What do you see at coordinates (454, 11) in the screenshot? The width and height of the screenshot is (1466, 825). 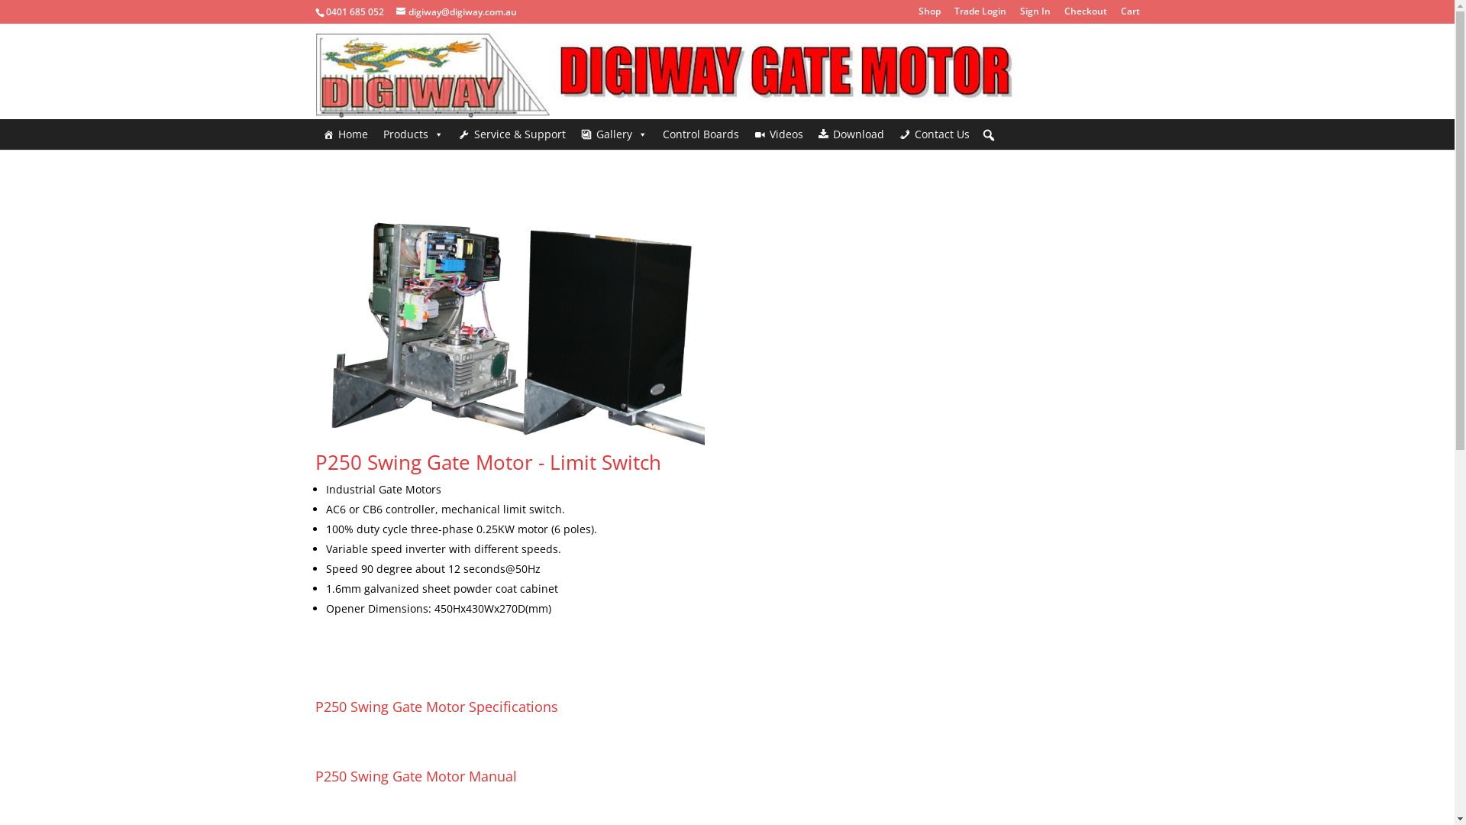 I see `'digiway@digiway.com.au'` at bounding box center [454, 11].